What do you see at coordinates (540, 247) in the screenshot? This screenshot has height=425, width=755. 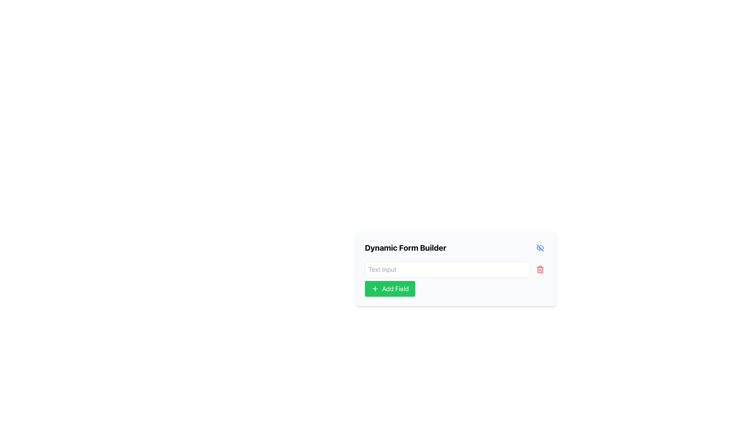 I see `the eye icon button that toggles visibility for the 'Dynamic Form Builder' section` at bounding box center [540, 247].